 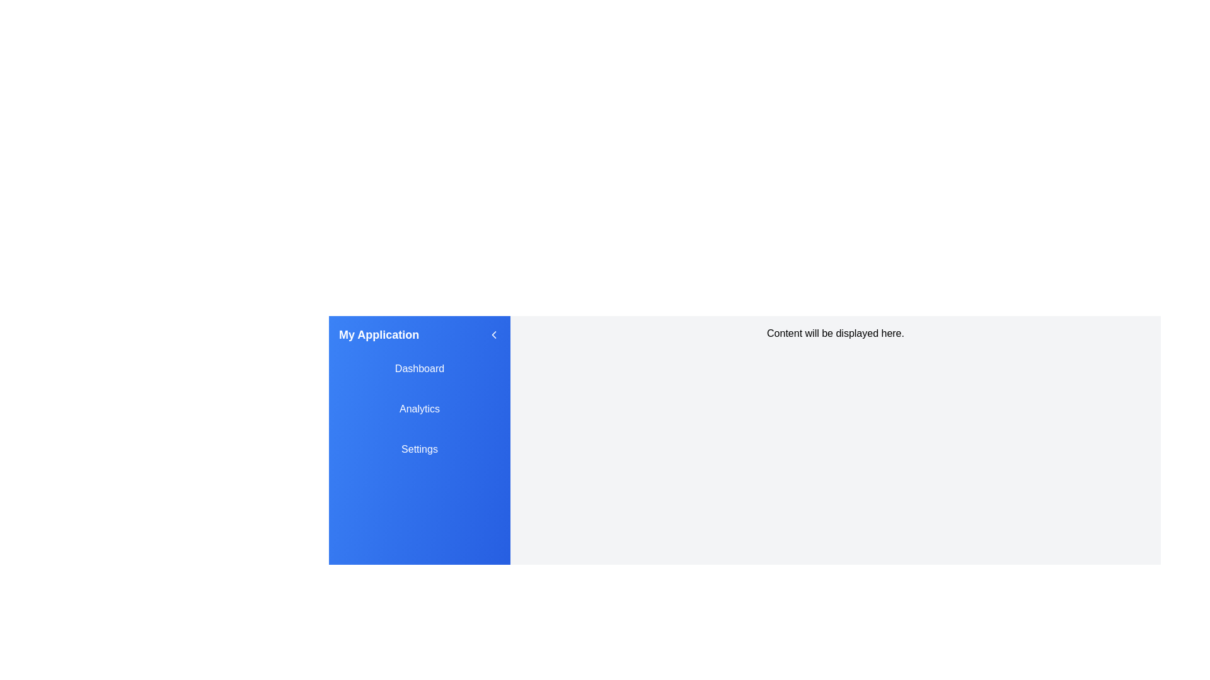 I want to click on button with the left chevron icon to close the drawer, so click(x=493, y=334).